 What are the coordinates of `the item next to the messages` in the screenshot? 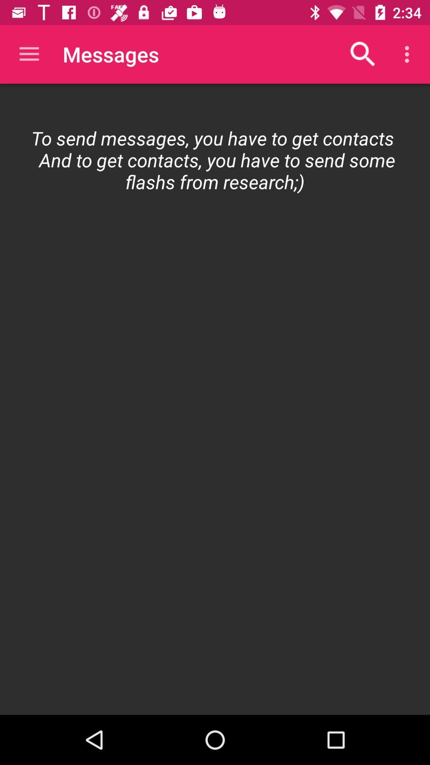 It's located at (363, 54).